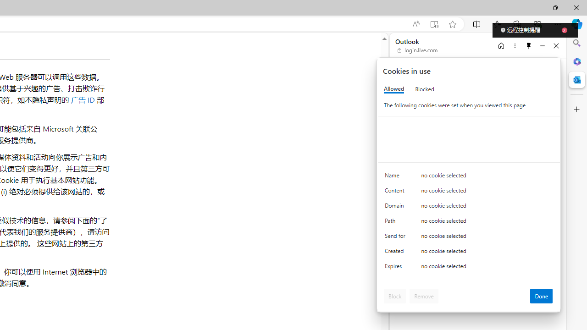 The image size is (587, 330). Describe the element at coordinates (424, 89) in the screenshot. I see `'Blocked'` at that location.